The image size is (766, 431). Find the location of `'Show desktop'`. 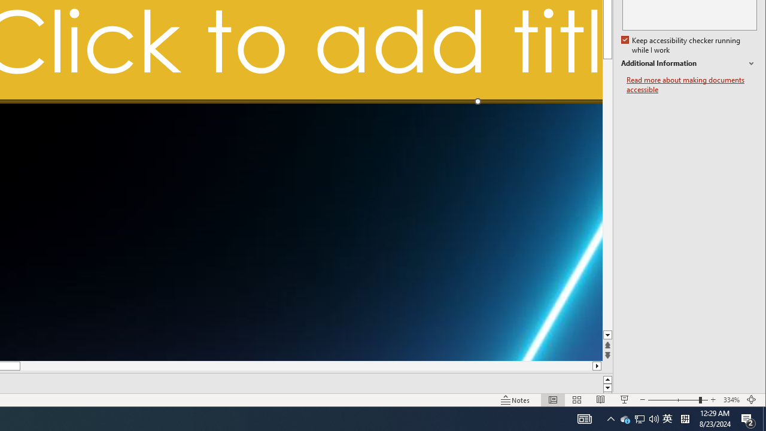

'Show desktop' is located at coordinates (764, 418).